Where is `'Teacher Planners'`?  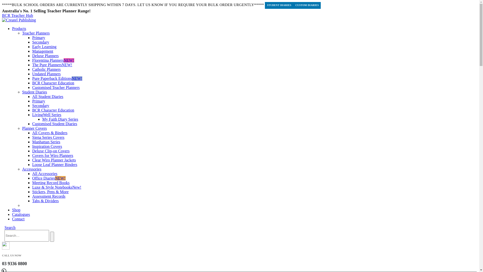 'Teacher Planners' is located at coordinates (22, 33).